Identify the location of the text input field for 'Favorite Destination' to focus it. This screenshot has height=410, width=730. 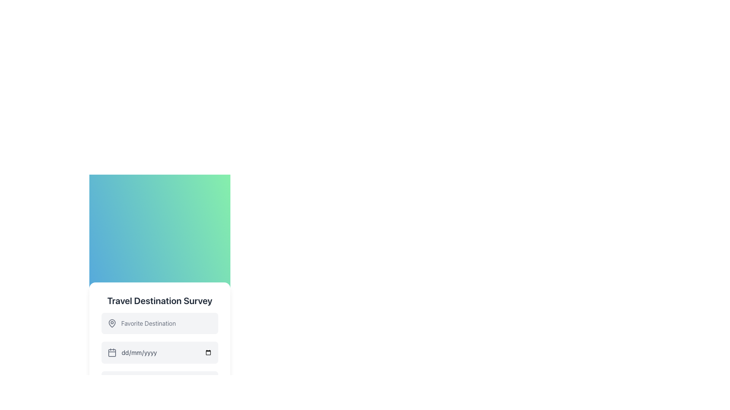
(159, 323).